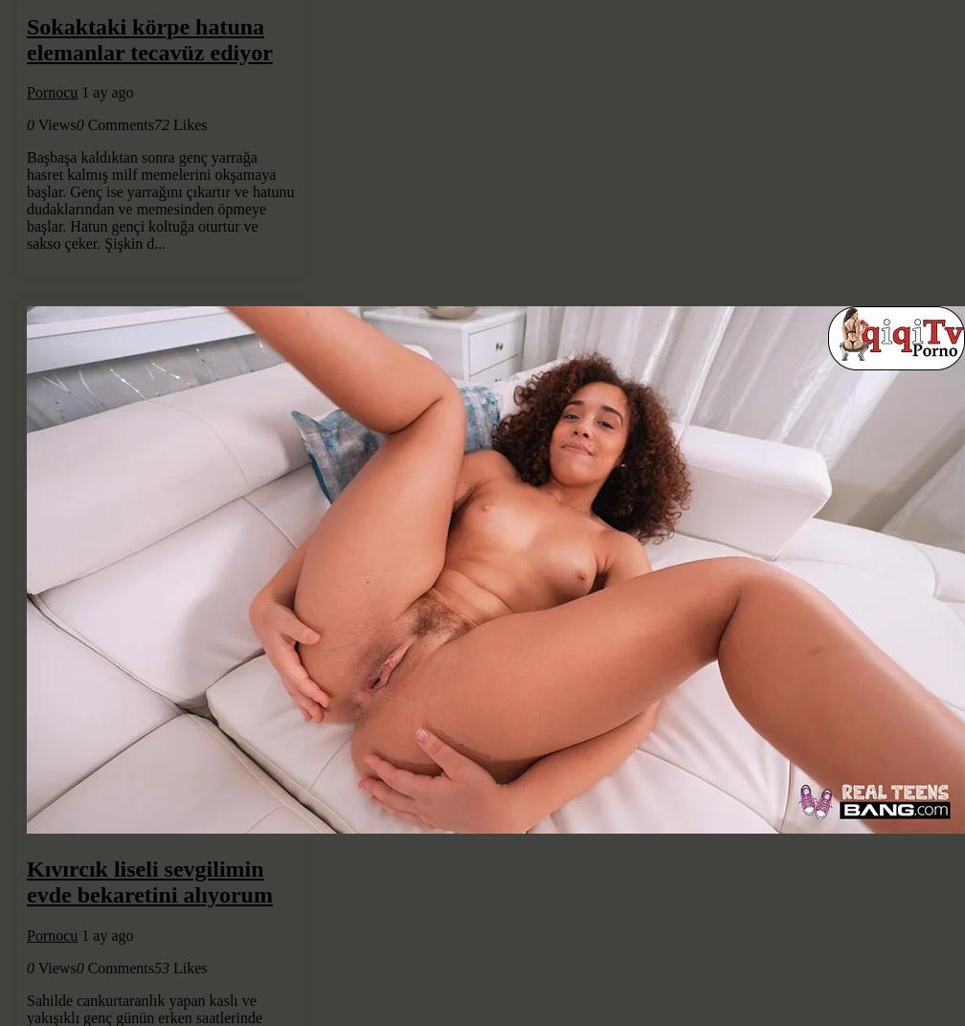  What do you see at coordinates (27, 881) in the screenshot?
I see `'Kıvırcık liseli sevgilimin evde bekaretini alıyorum'` at bounding box center [27, 881].